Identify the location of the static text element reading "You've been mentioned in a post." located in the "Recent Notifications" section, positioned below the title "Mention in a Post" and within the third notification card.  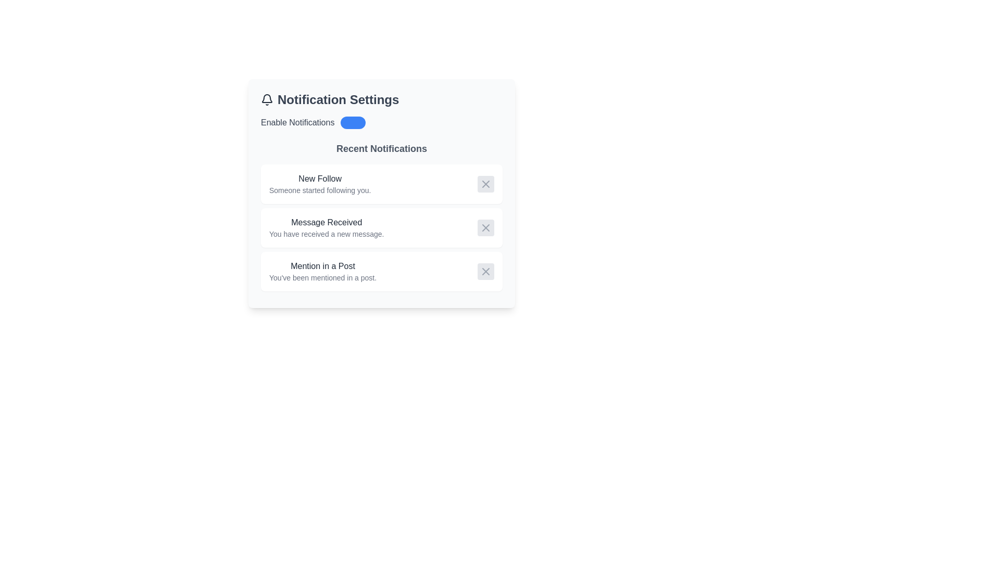
(322, 277).